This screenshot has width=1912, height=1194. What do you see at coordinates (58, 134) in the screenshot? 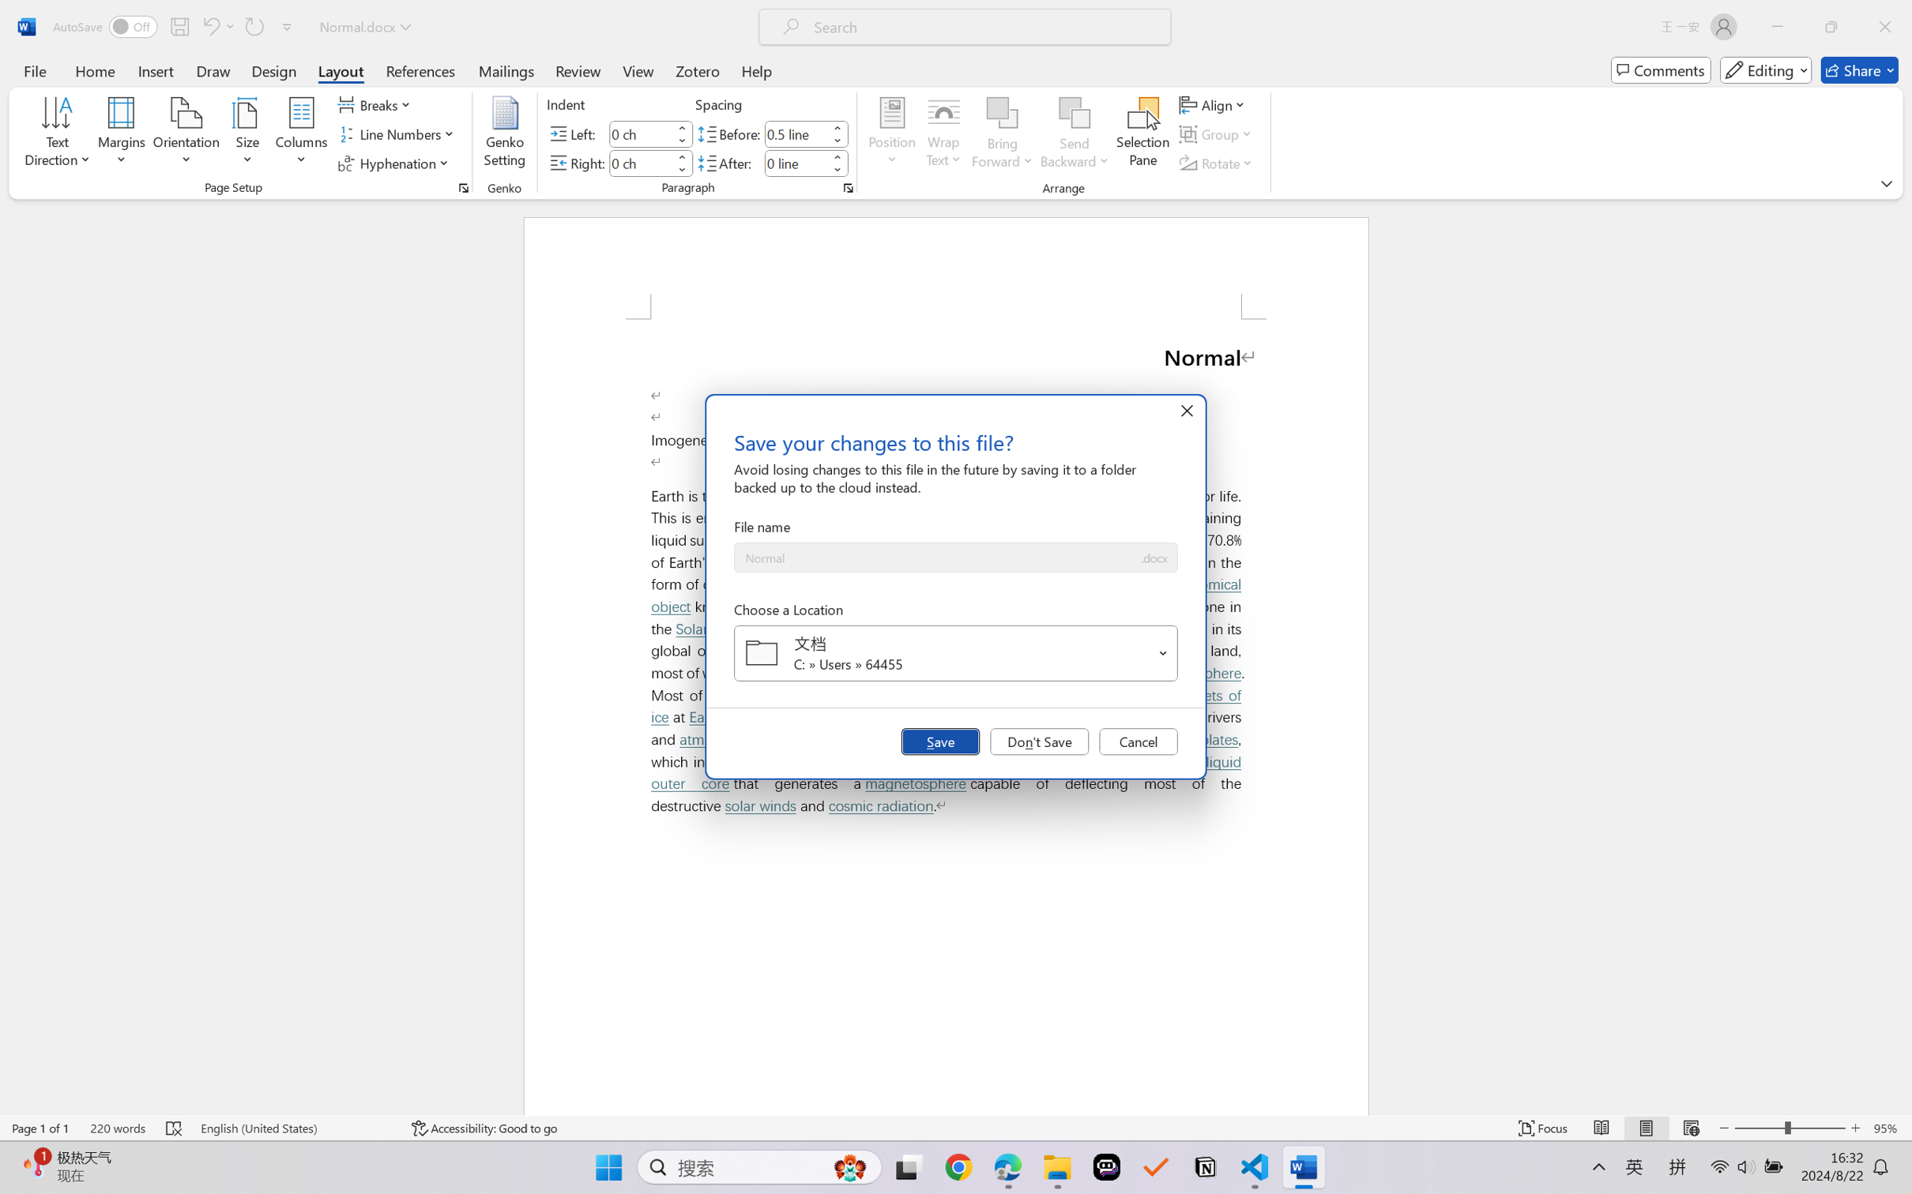
I see `'Text Direction'` at bounding box center [58, 134].